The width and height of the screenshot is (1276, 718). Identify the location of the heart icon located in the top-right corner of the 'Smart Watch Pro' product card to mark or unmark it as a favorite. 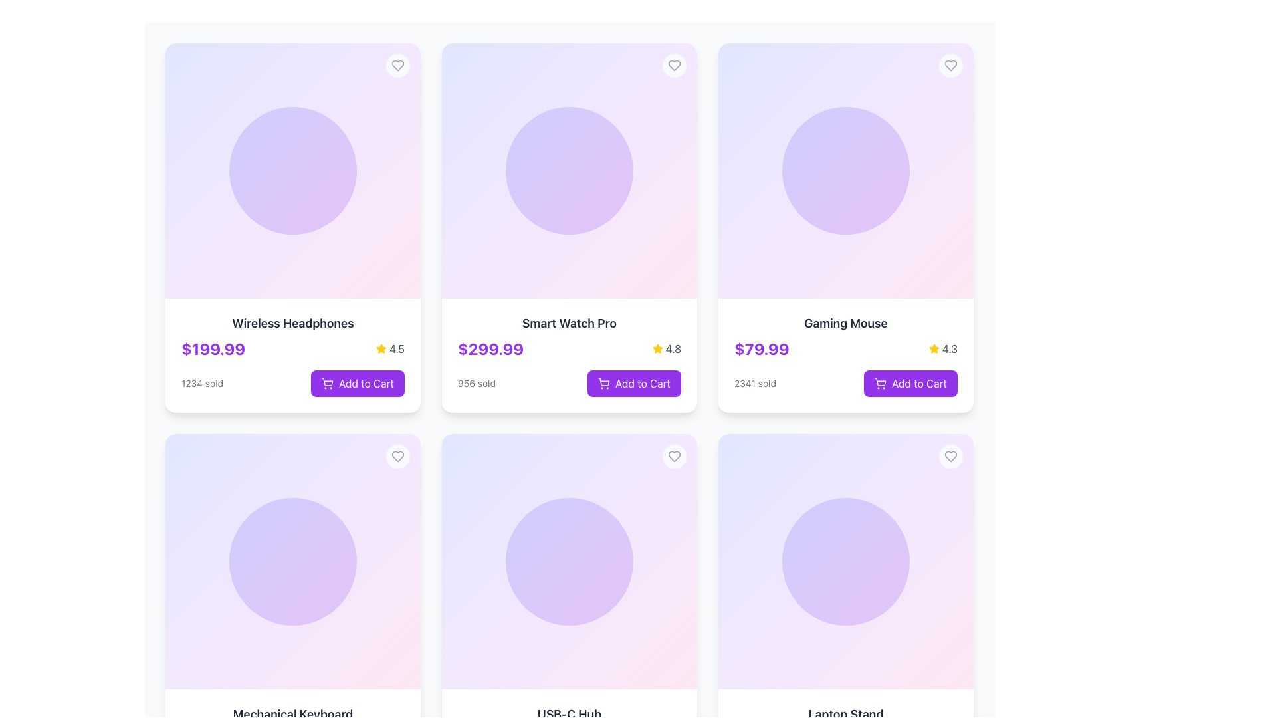
(674, 66).